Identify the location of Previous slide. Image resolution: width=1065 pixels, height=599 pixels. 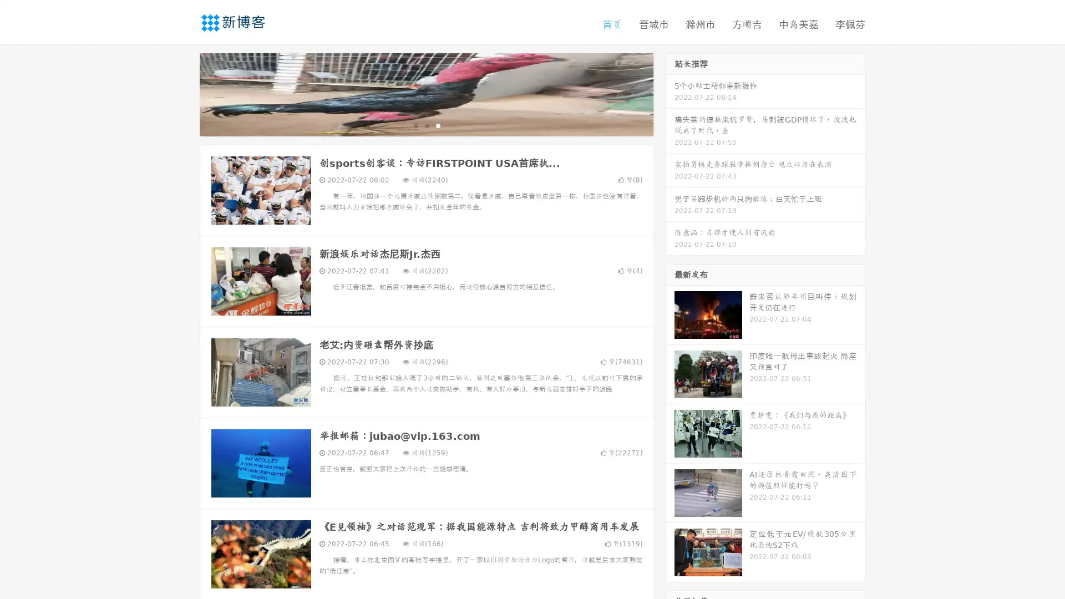
(183, 93).